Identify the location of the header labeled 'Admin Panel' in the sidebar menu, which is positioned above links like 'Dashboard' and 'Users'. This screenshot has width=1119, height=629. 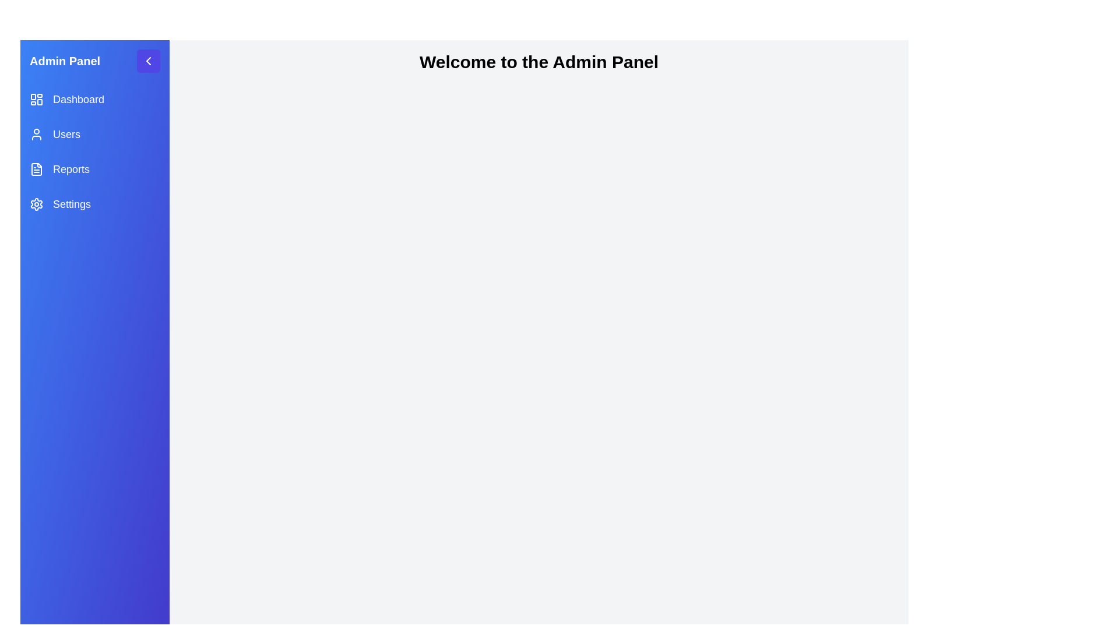
(95, 61).